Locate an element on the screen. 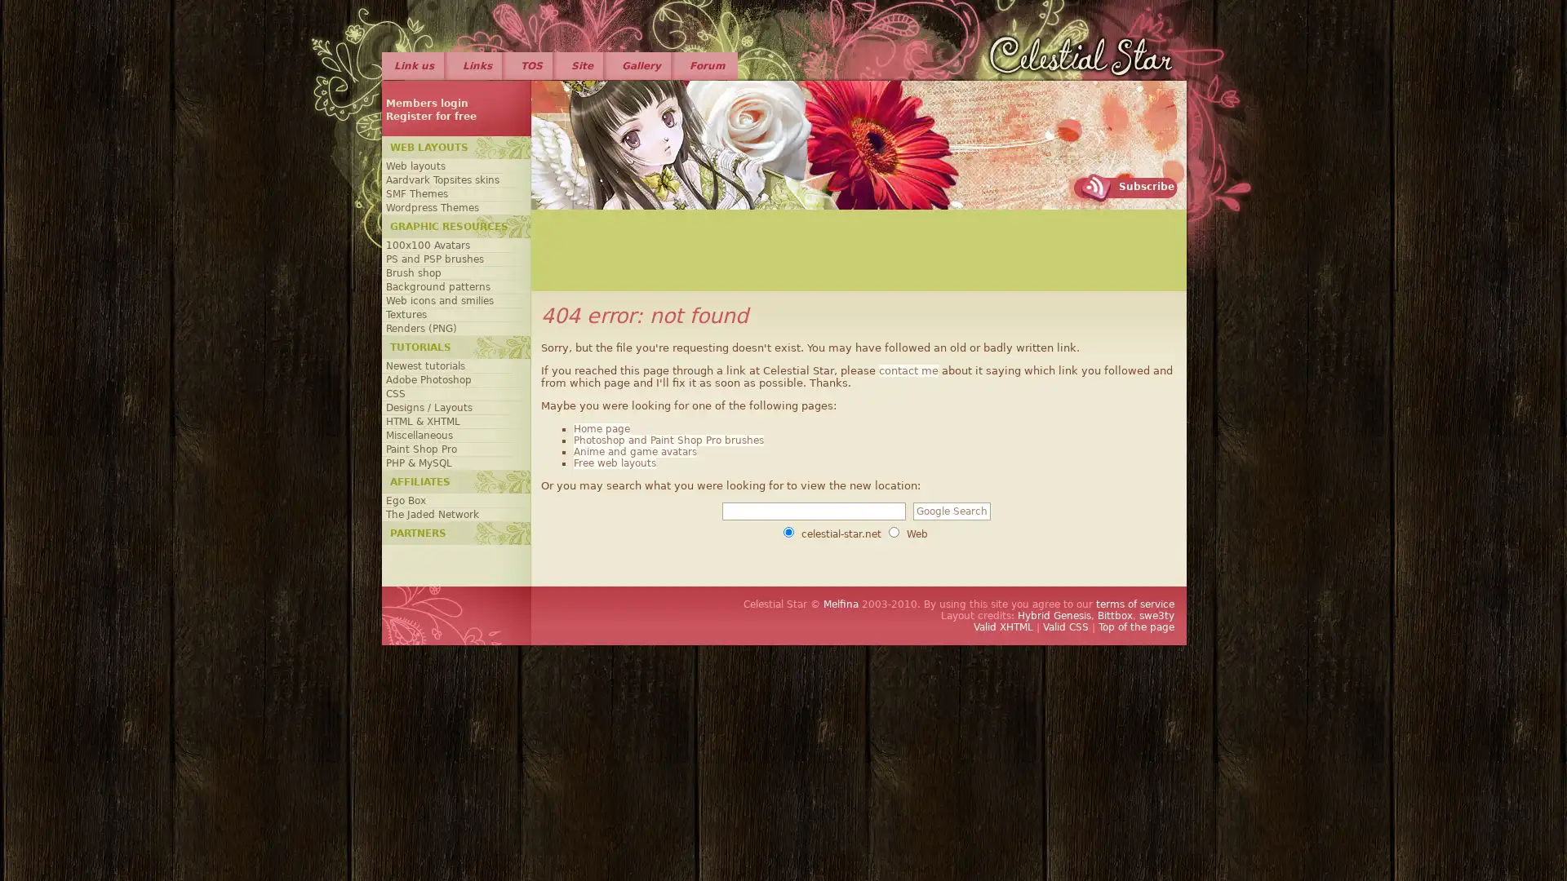 This screenshot has height=881, width=1567. Google Search is located at coordinates (952, 509).